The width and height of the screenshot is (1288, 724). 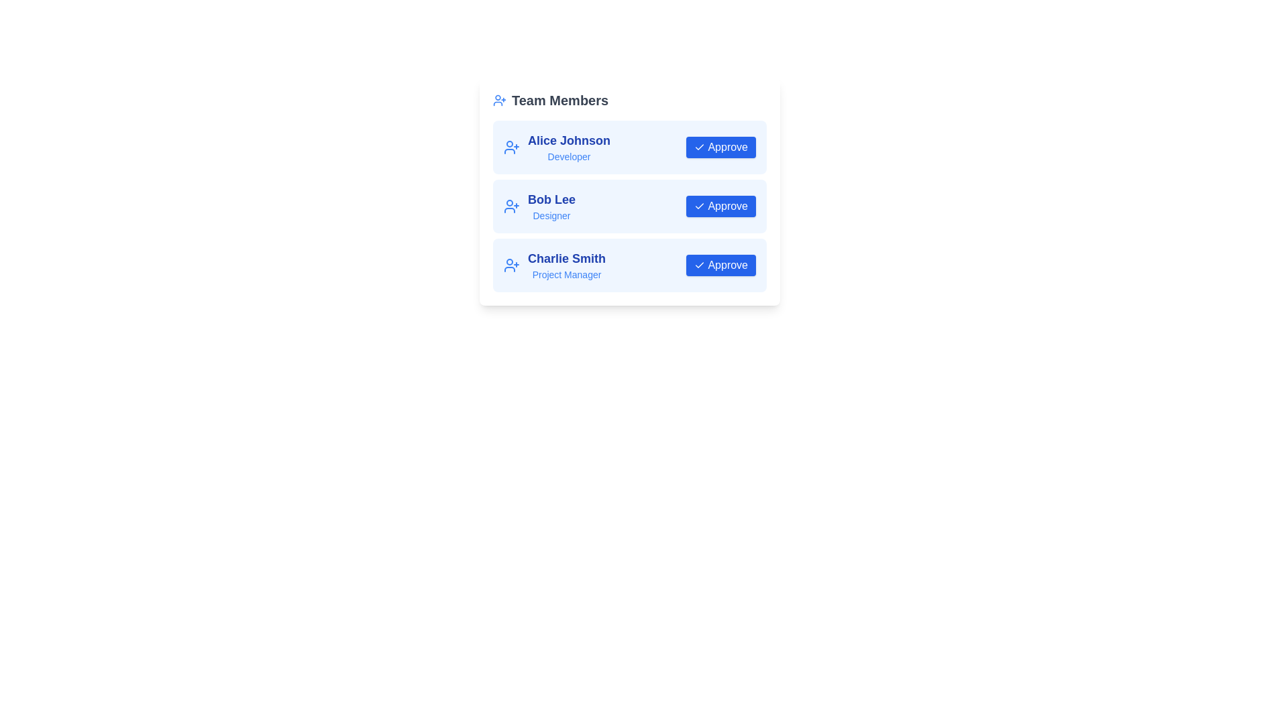 What do you see at coordinates (699, 265) in the screenshot?
I see `the check-shaped icon within the 'Approve' button associated with 'Charlie Smith'` at bounding box center [699, 265].